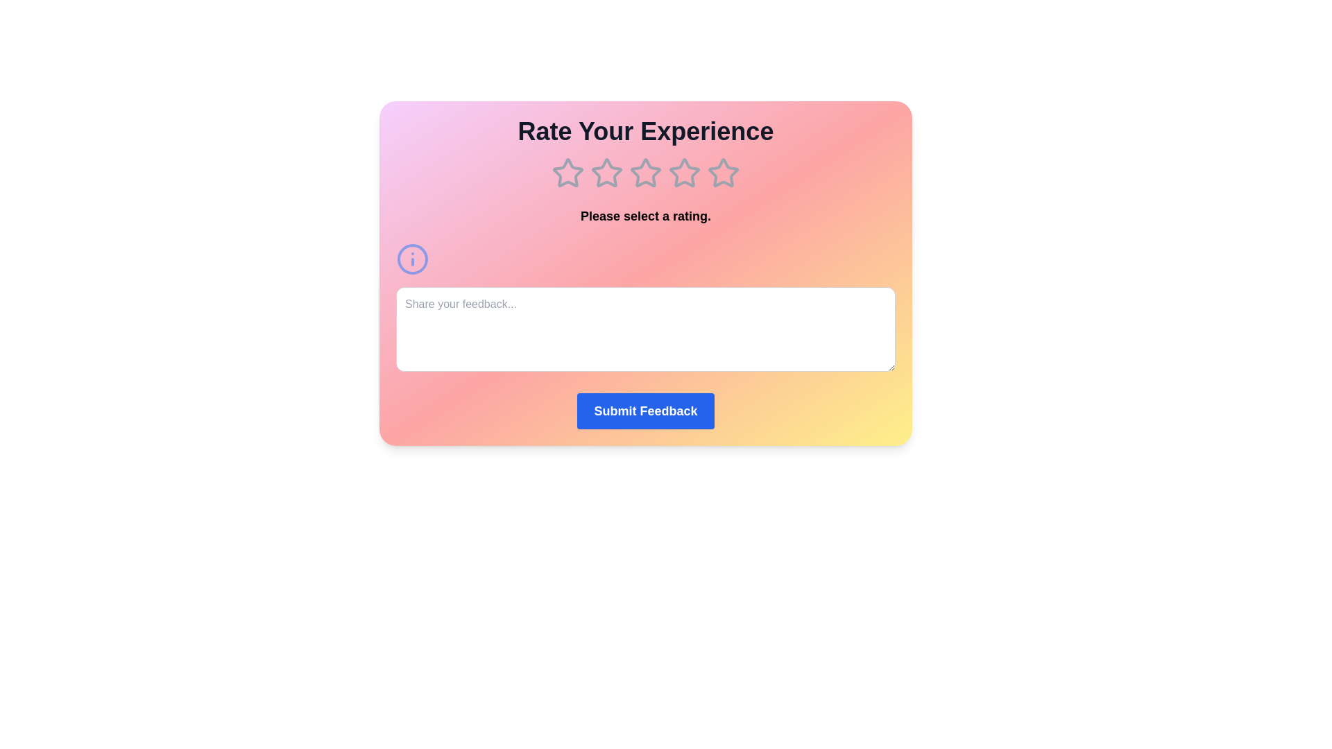  I want to click on the star corresponding to 3 to preview the rating, so click(645, 173).